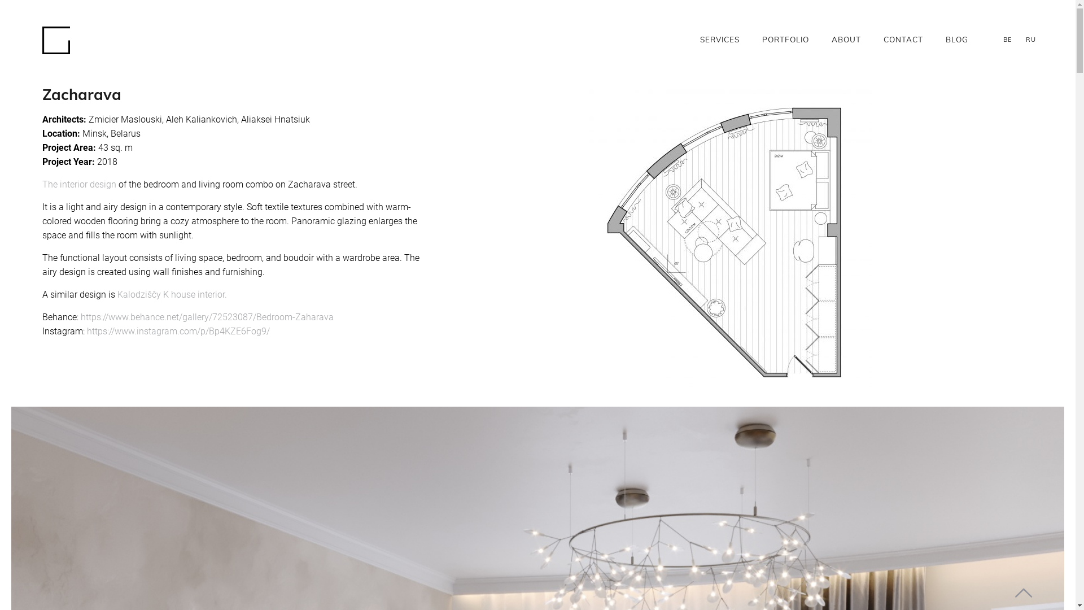 Image resolution: width=1084 pixels, height=610 pixels. What do you see at coordinates (1030, 38) in the screenshot?
I see `'RU'` at bounding box center [1030, 38].